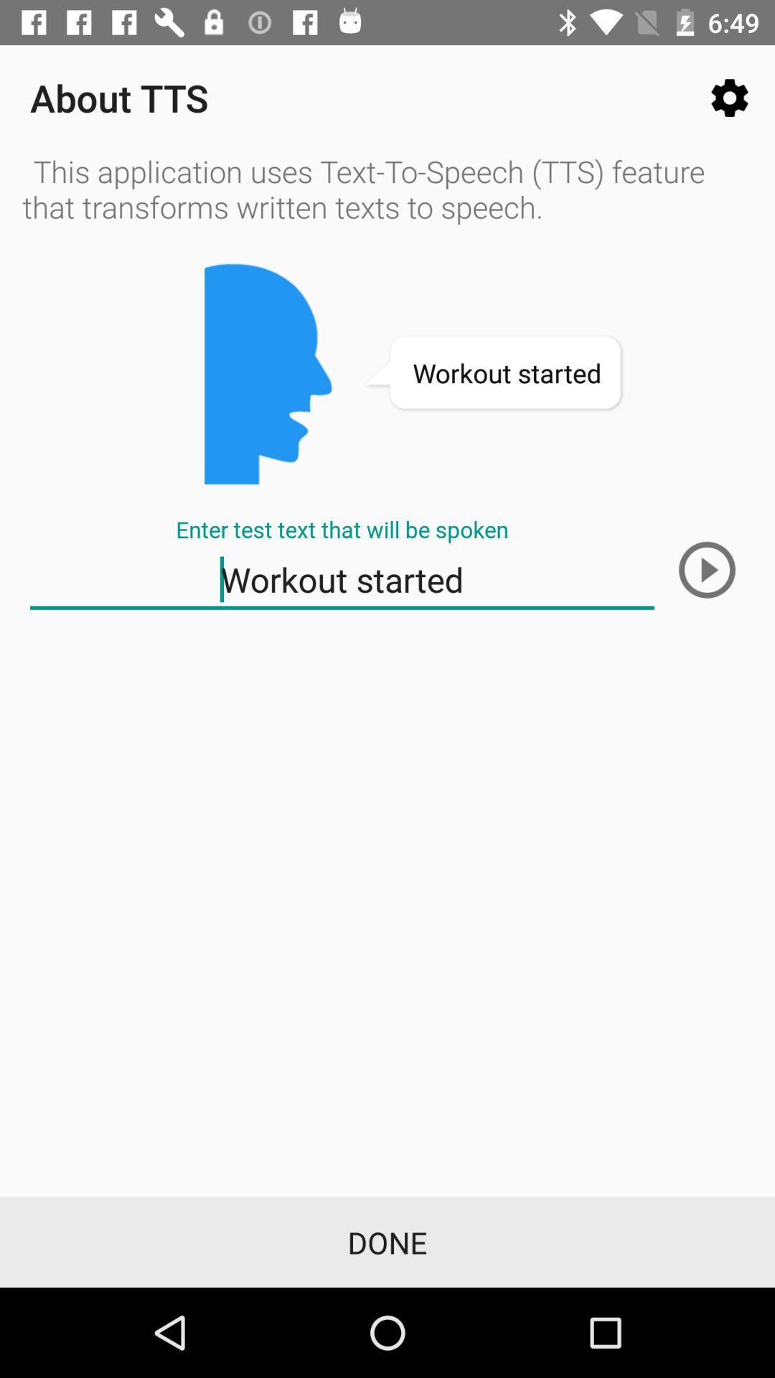 The height and width of the screenshot is (1378, 775). Describe the element at coordinates (706, 569) in the screenshot. I see `the play icon` at that location.